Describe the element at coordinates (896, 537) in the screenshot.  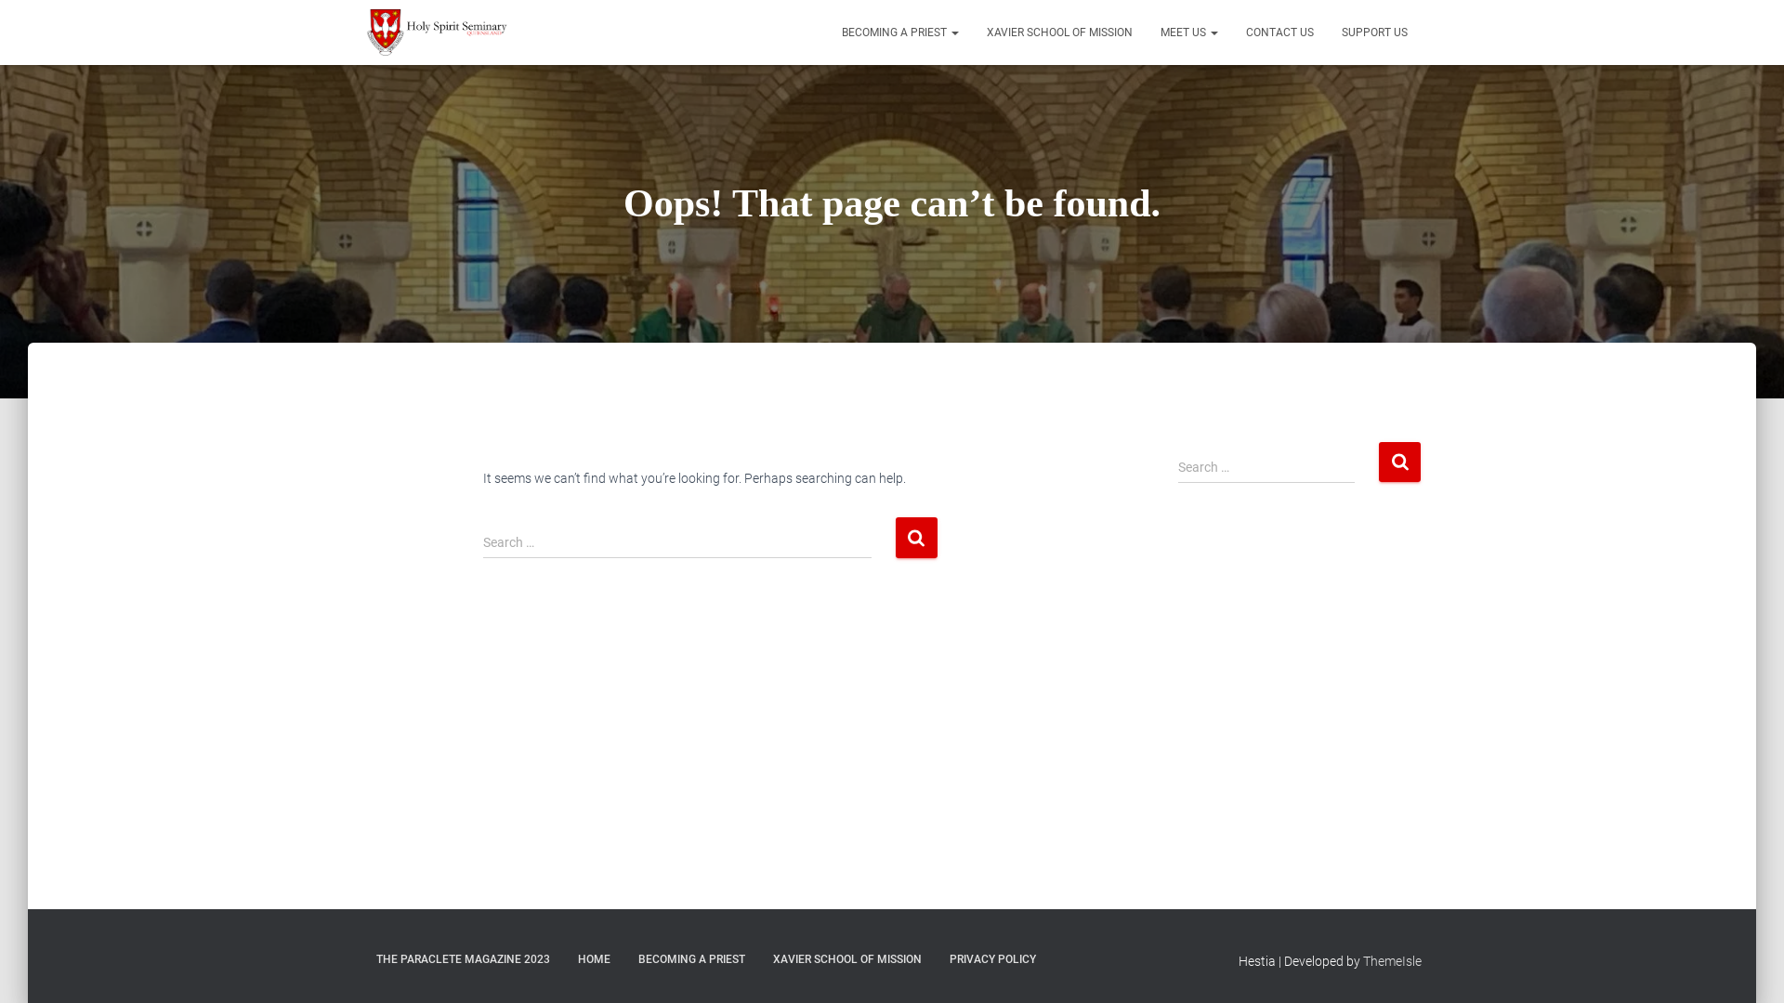
I see `'Search'` at that location.